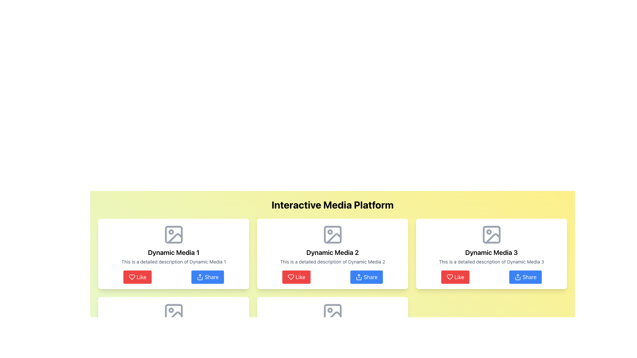 This screenshot has width=637, height=358. What do you see at coordinates (366, 277) in the screenshot?
I see `the 'Share' button with a bright blue background and white text` at bounding box center [366, 277].